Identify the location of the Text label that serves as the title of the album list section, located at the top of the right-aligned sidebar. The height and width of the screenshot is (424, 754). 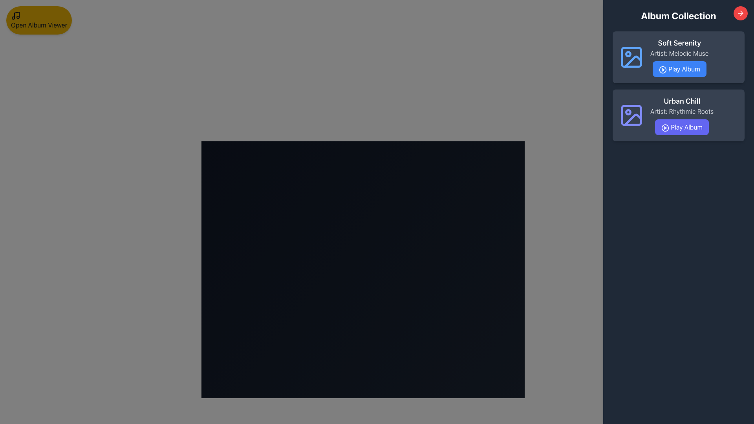
(678, 15).